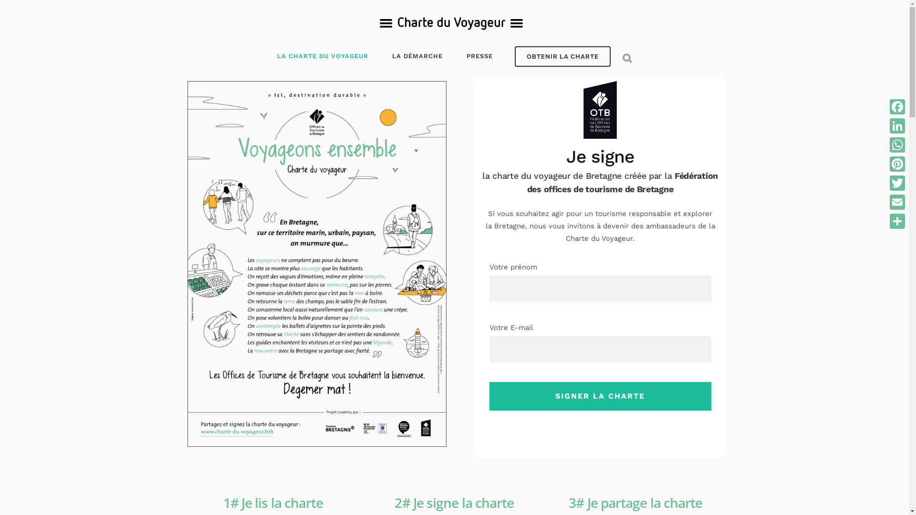 This screenshot has width=916, height=515. I want to click on 'Signer la charte', so click(489, 396).